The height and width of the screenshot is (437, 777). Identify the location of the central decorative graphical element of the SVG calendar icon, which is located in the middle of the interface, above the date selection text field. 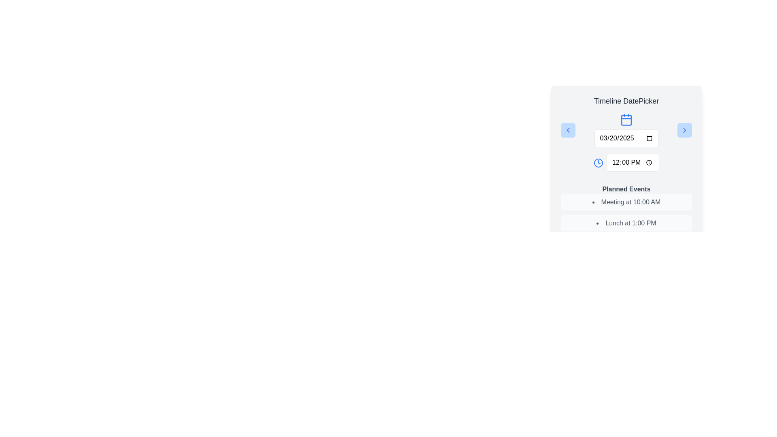
(626, 120).